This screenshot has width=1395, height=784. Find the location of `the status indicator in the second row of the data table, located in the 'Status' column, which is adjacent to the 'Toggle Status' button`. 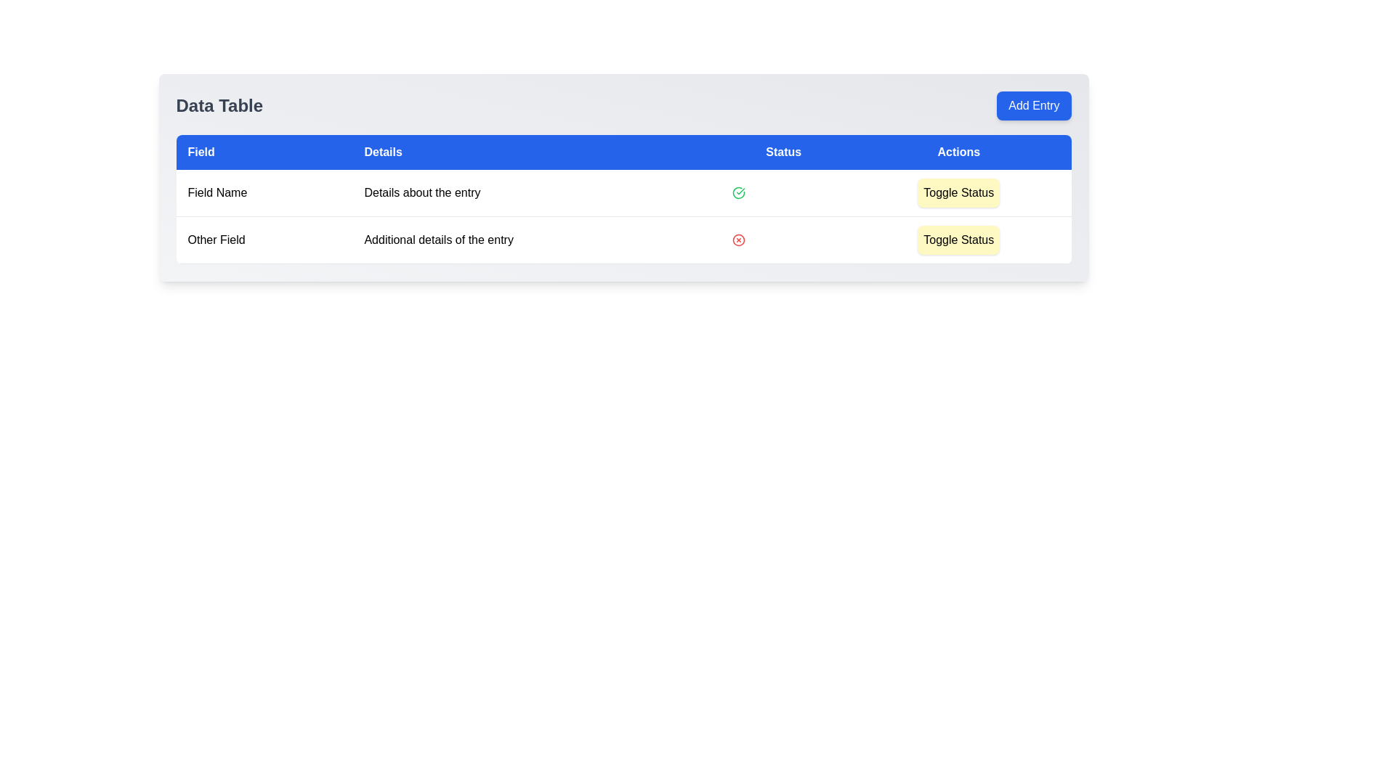

the status indicator in the second row of the data table, located in the 'Status' column, which is adjacent to the 'Toggle Status' button is located at coordinates (783, 240).